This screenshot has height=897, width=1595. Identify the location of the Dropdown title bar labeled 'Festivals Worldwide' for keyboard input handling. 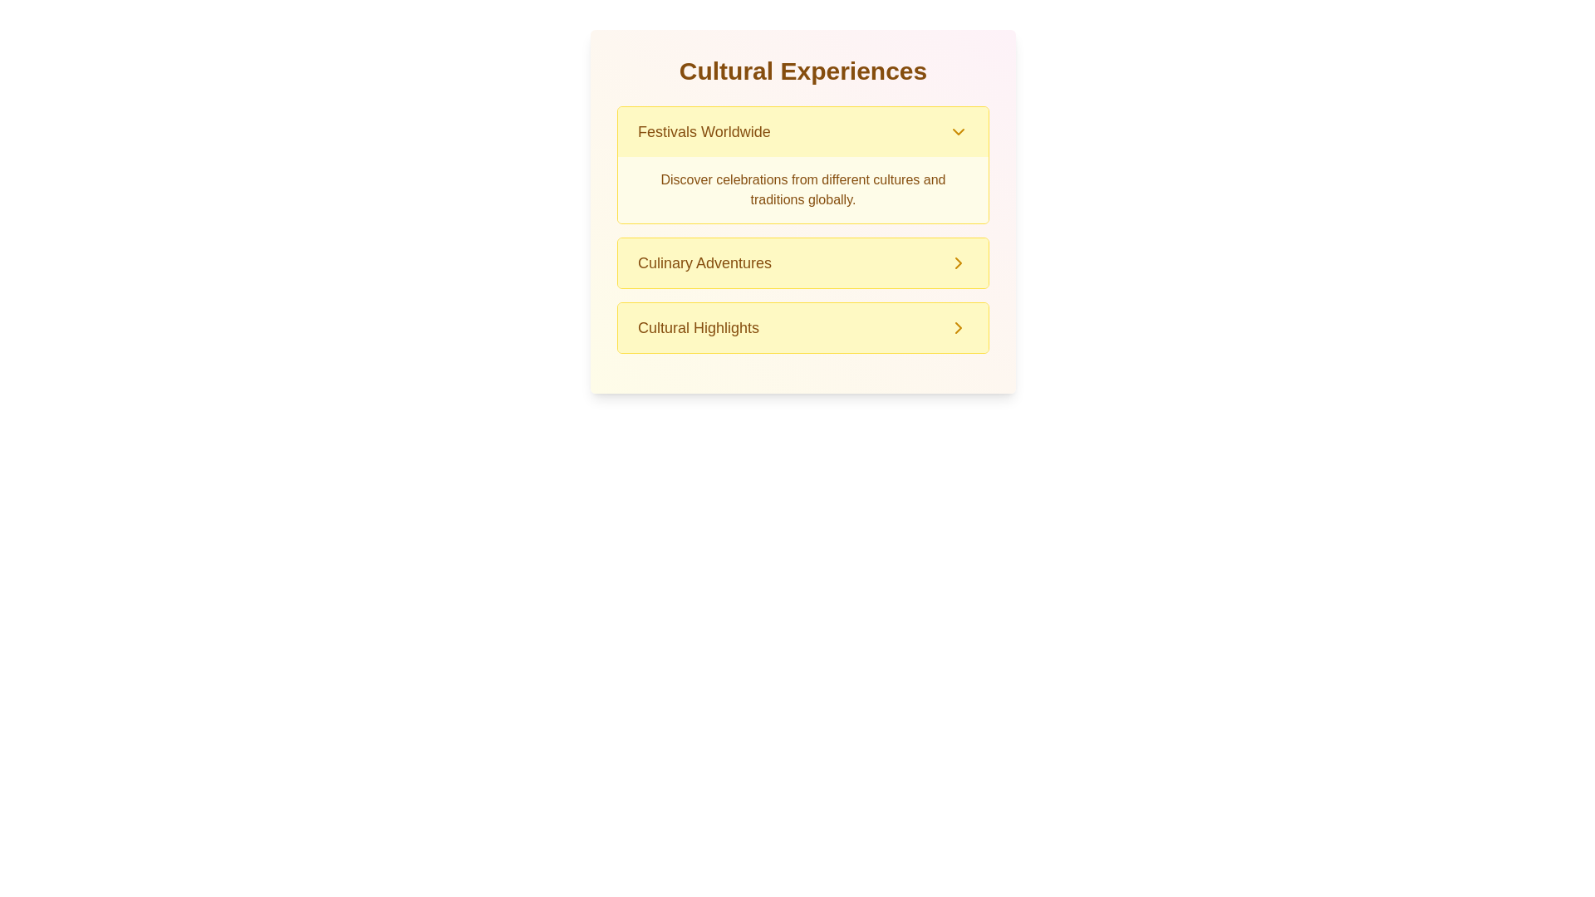
(802, 130).